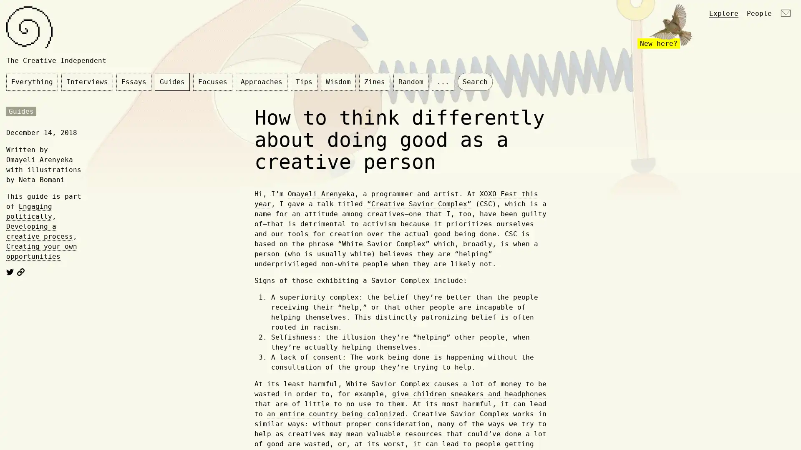  What do you see at coordinates (442, 82) in the screenshot?
I see `...` at bounding box center [442, 82].